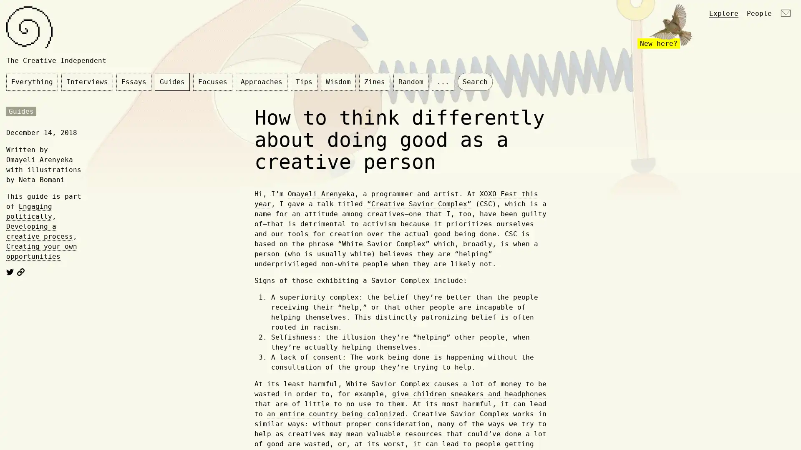  What do you see at coordinates (442, 82) in the screenshot?
I see `...` at bounding box center [442, 82].